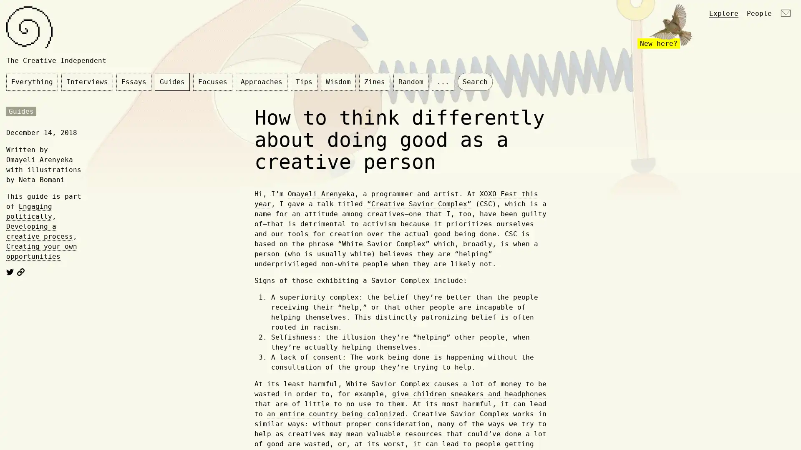  What do you see at coordinates (442, 82) in the screenshot?
I see `...` at bounding box center [442, 82].